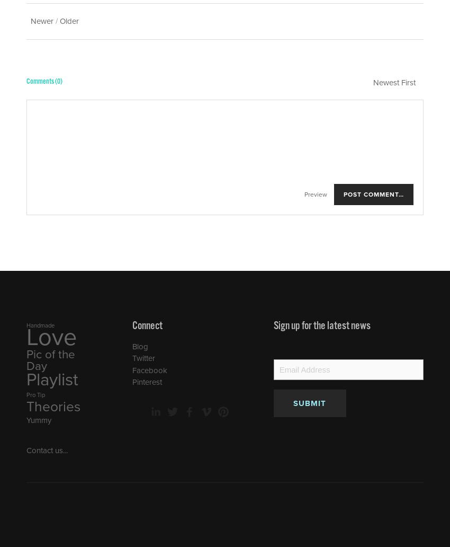  What do you see at coordinates (35, 394) in the screenshot?
I see `'Pro Tip'` at bounding box center [35, 394].